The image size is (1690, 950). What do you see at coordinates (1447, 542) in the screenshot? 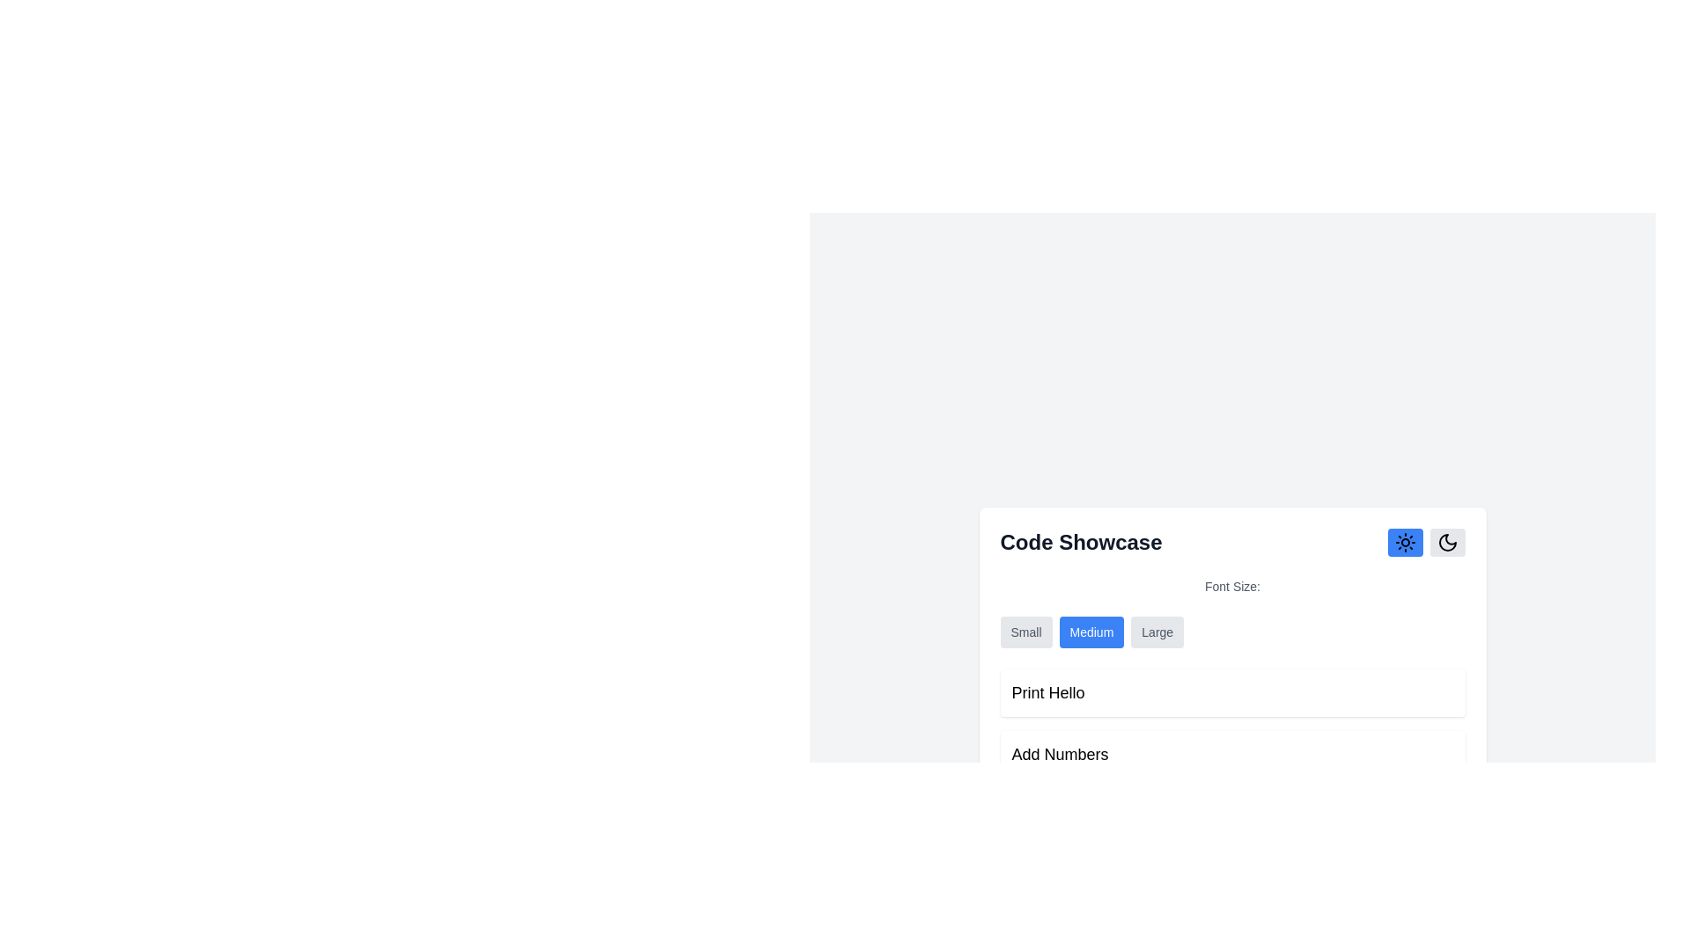
I see `the crescent moon icon located in the top right corner of the 'Code Showcase' panel` at bounding box center [1447, 542].